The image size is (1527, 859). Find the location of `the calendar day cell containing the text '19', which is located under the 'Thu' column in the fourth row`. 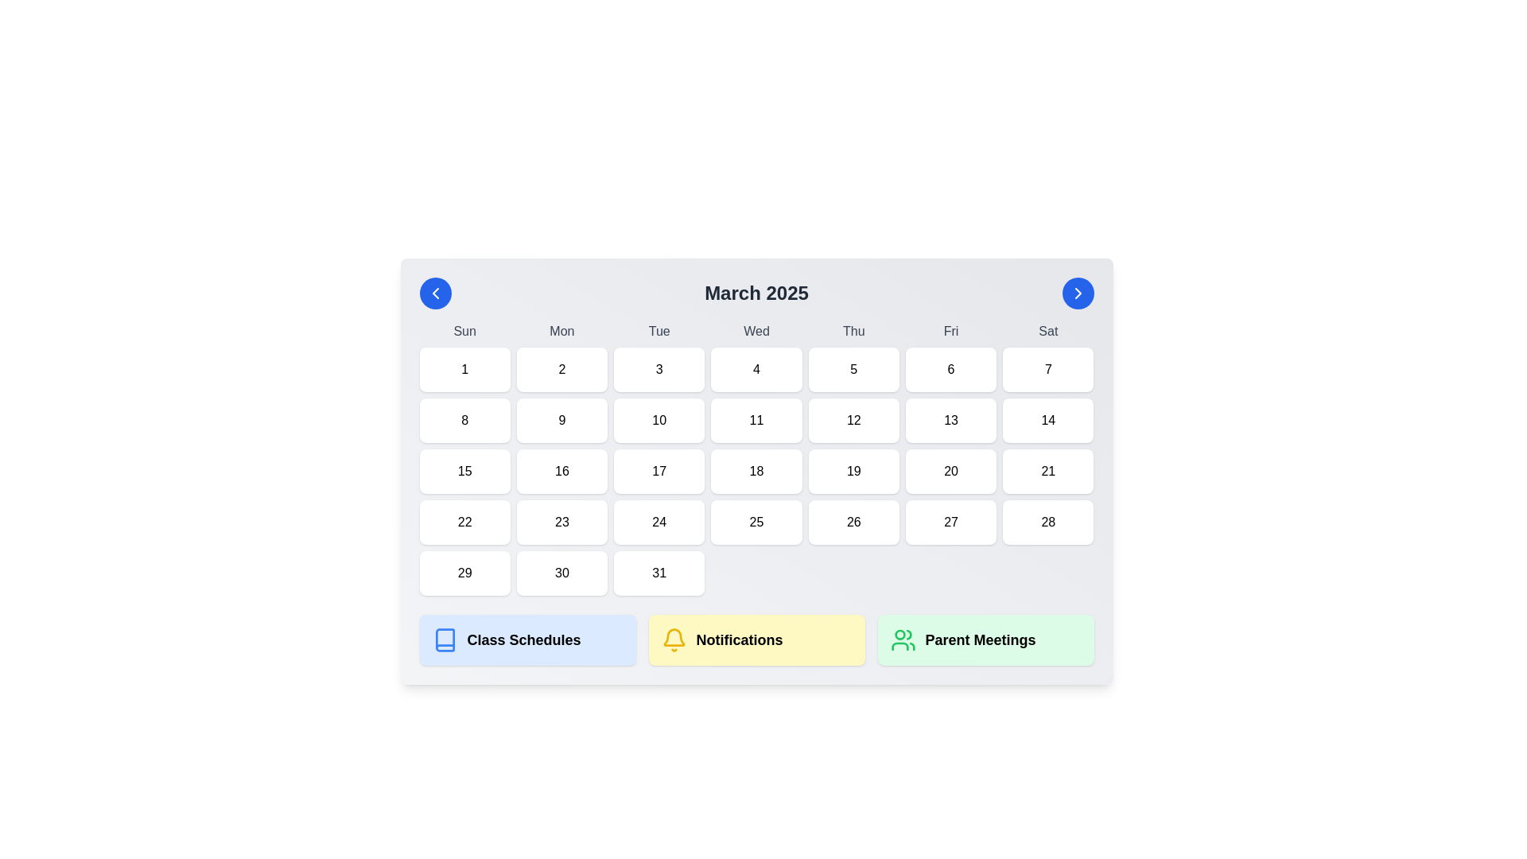

the calendar day cell containing the text '19', which is located under the 'Thu' column in the fourth row is located at coordinates (853, 471).